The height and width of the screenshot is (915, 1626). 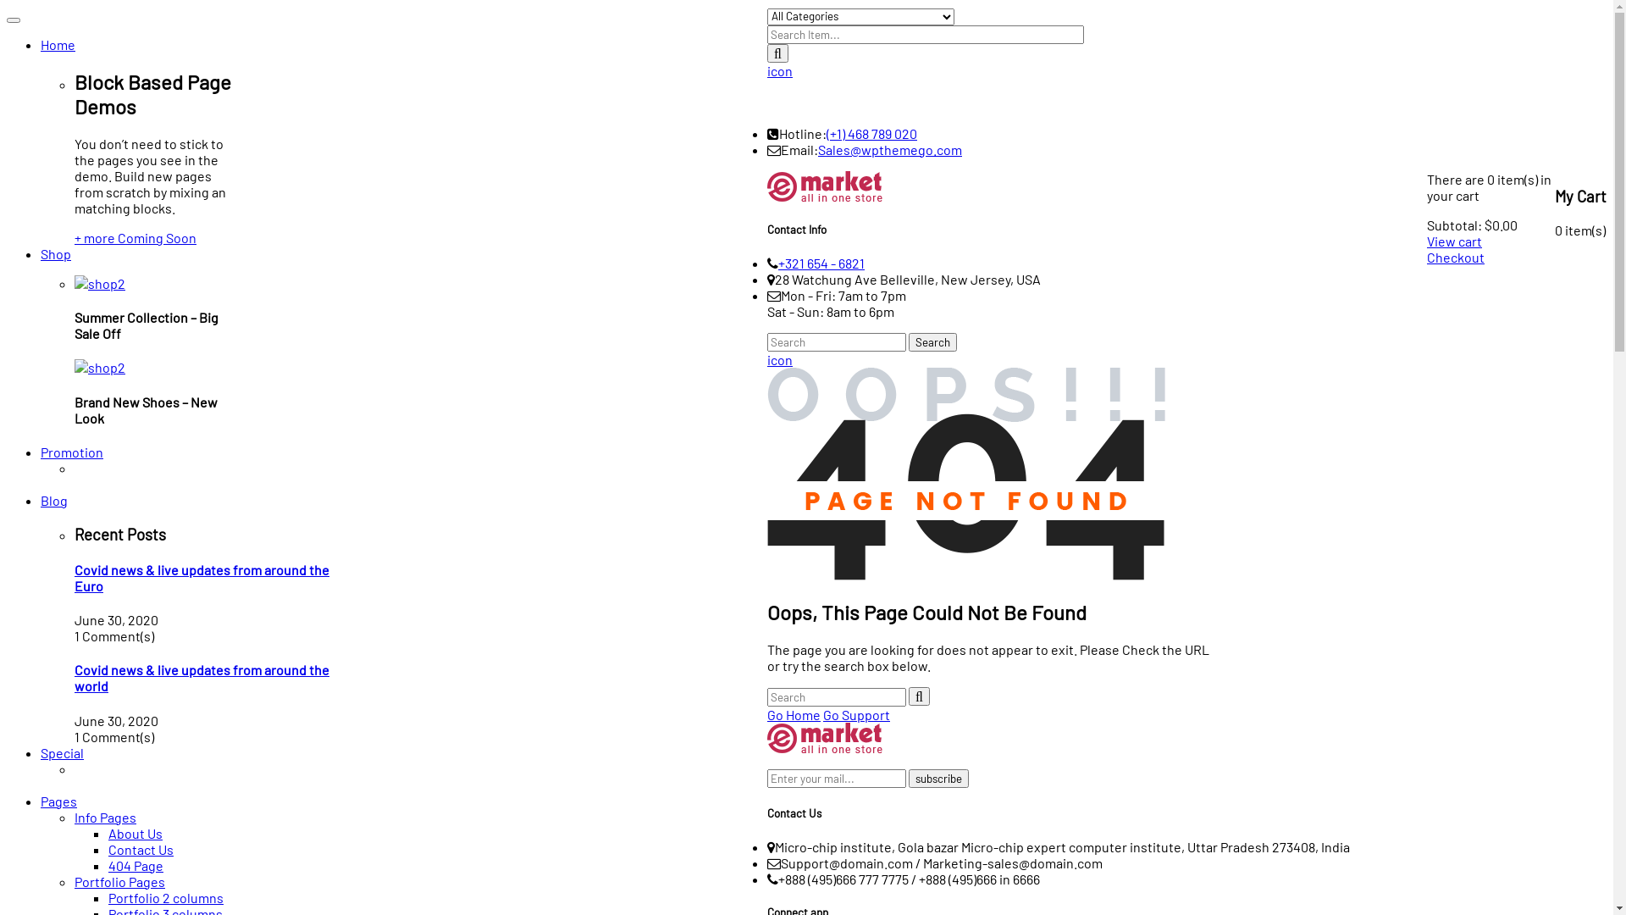 I want to click on '(+1) 468 789 020', so click(x=871, y=132).